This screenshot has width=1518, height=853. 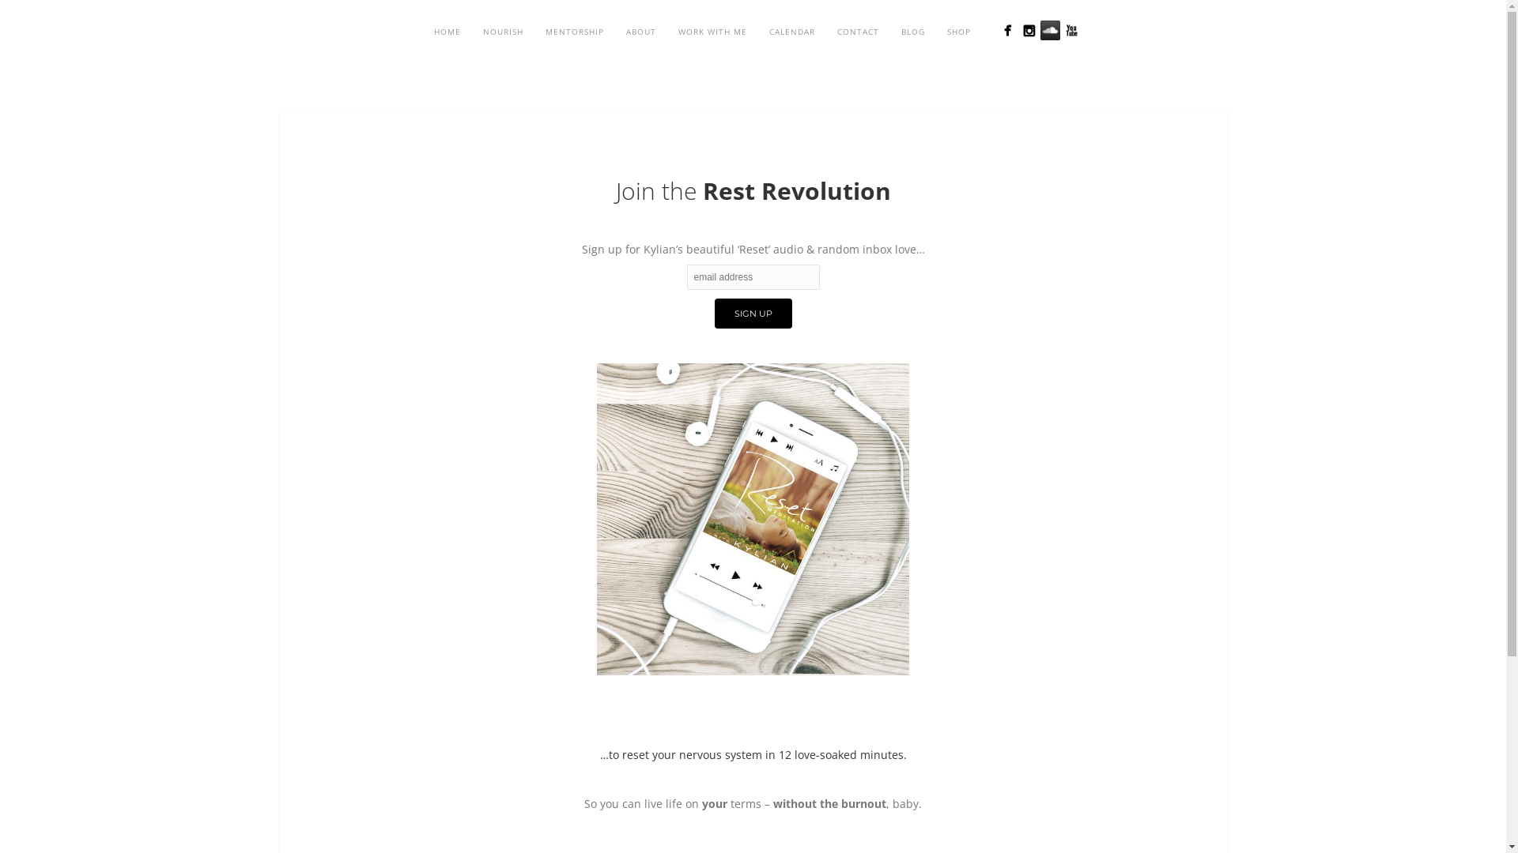 I want to click on 'CALENDAR', so click(x=757, y=32).